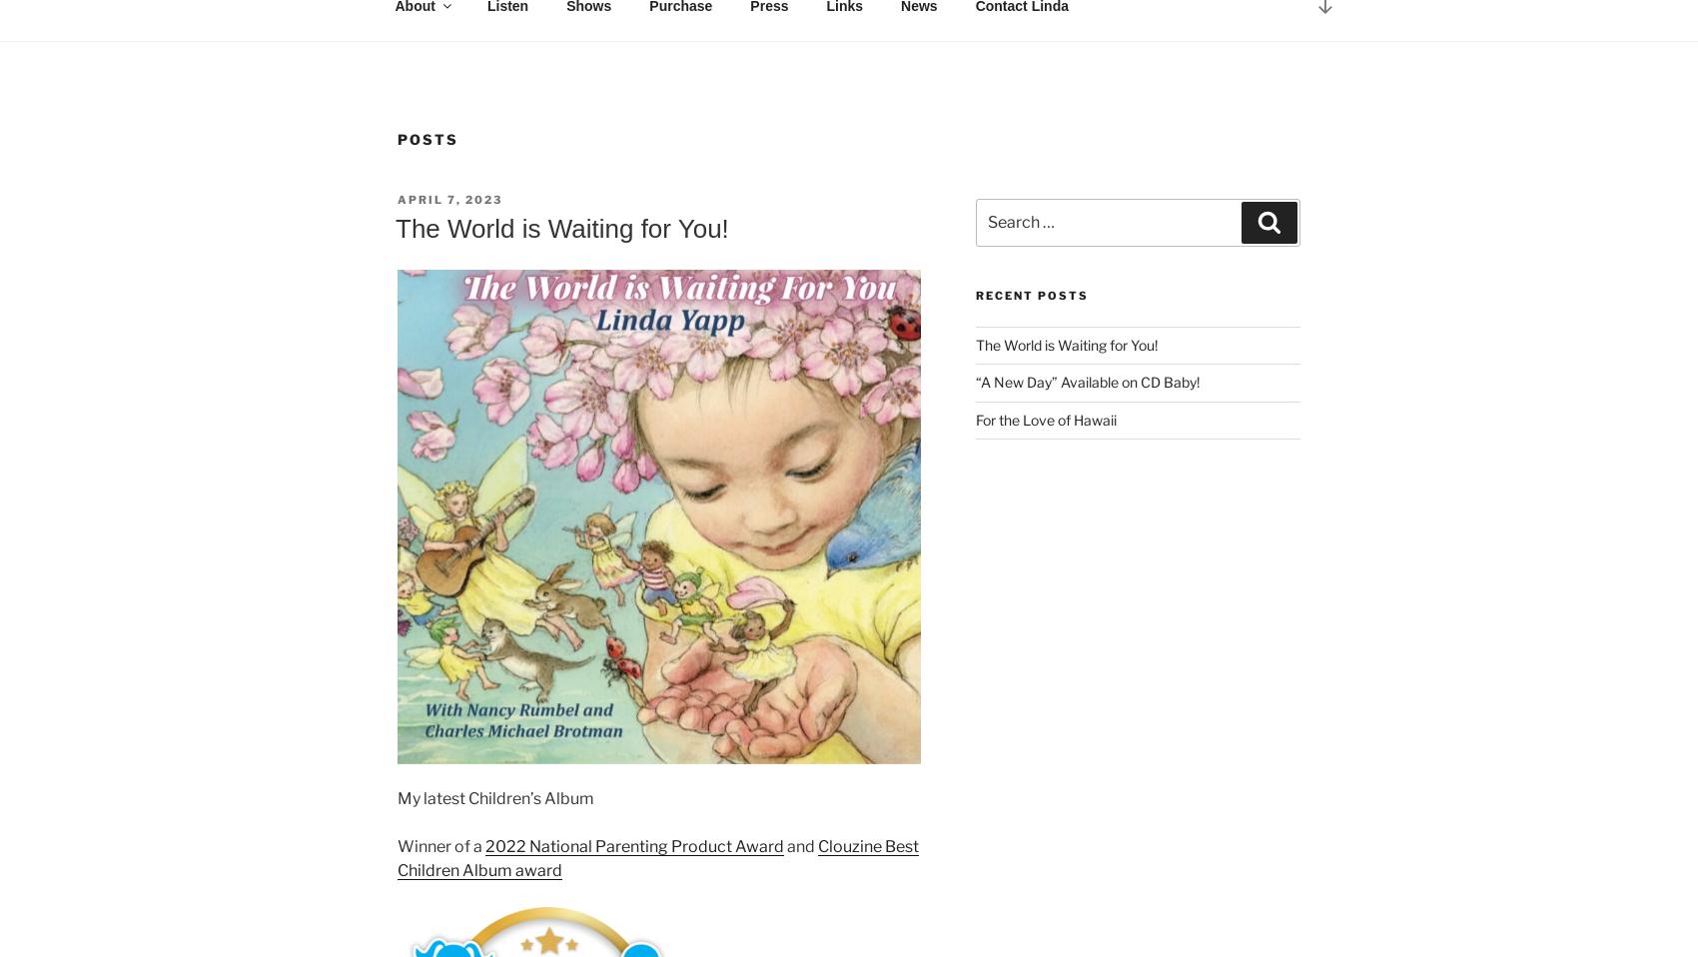  Describe the element at coordinates (633, 844) in the screenshot. I see `'2022 National Parenting Product Award'` at that location.